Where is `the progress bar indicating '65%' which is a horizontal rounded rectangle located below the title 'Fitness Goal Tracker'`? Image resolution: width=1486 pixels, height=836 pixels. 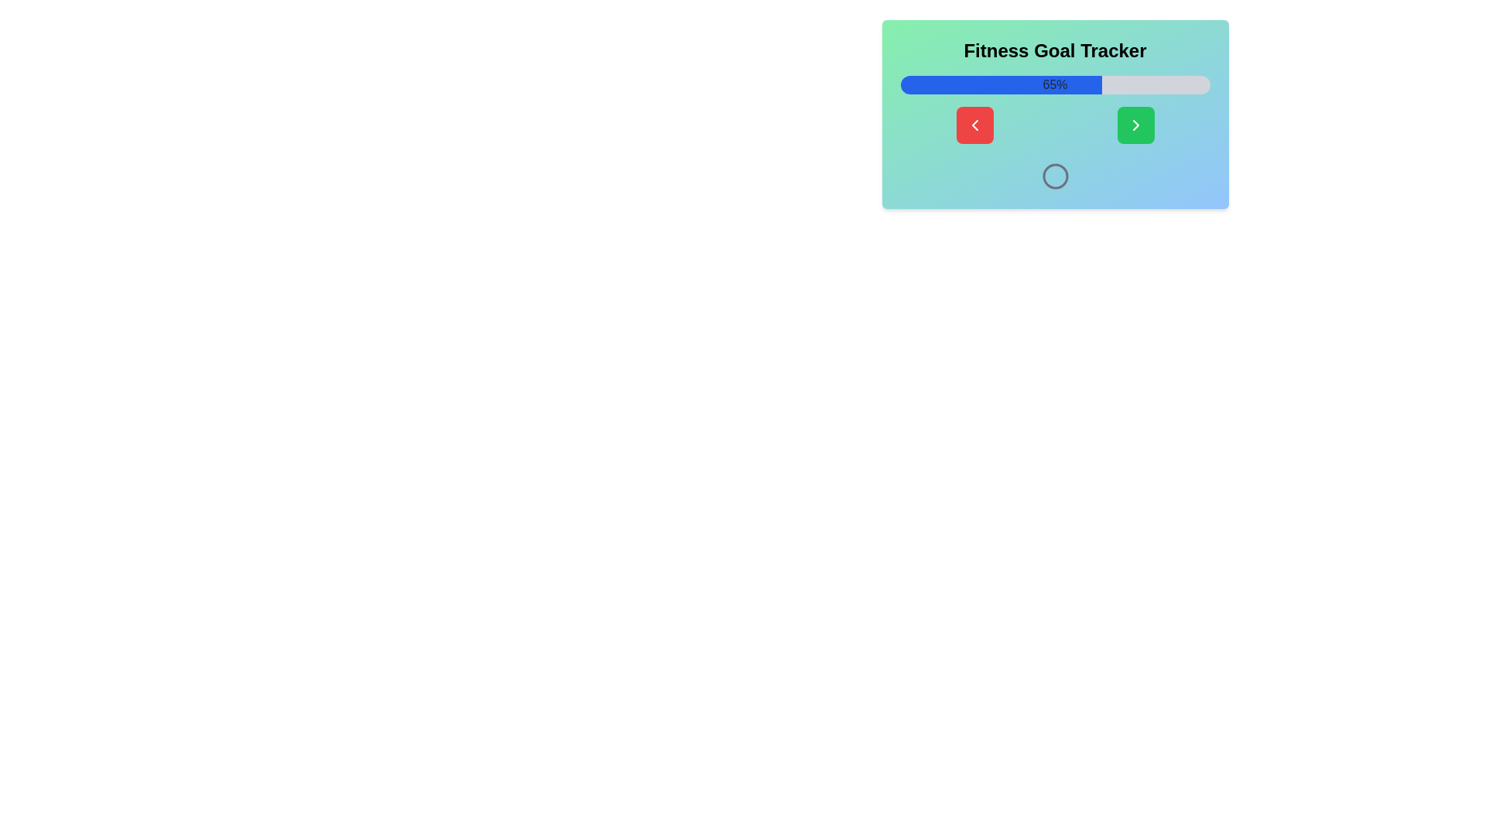
the progress bar indicating '65%' which is a horizontal rounded rectangle located below the title 'Fitness Goal Tracker' is located at coordinates (1054, 85).